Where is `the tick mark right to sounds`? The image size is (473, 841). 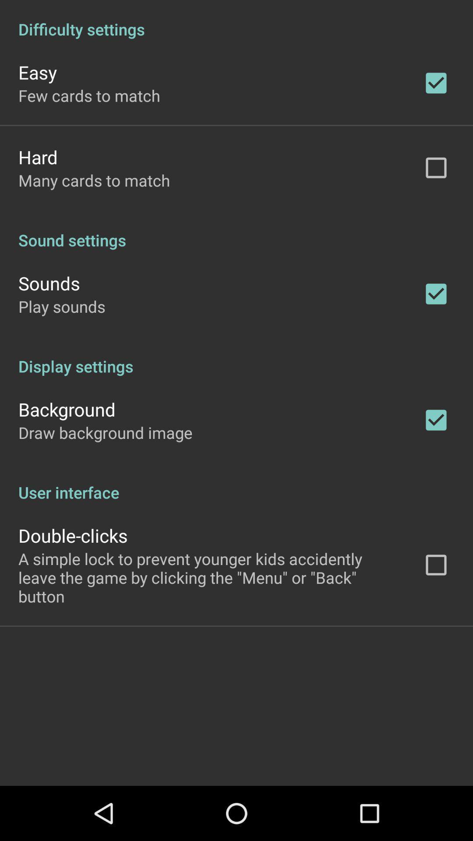
the tick mark right to sounds is located at coordinates (436, 294).